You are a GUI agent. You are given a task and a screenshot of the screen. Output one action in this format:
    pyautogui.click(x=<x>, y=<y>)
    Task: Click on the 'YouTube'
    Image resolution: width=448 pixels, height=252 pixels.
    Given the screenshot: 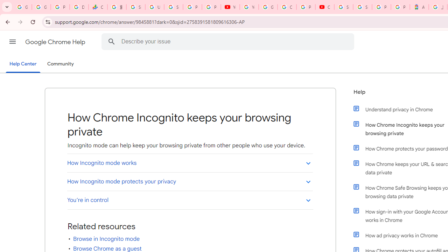 What is the action you would take?
    pyautogui.click(x=230, y=7)
    